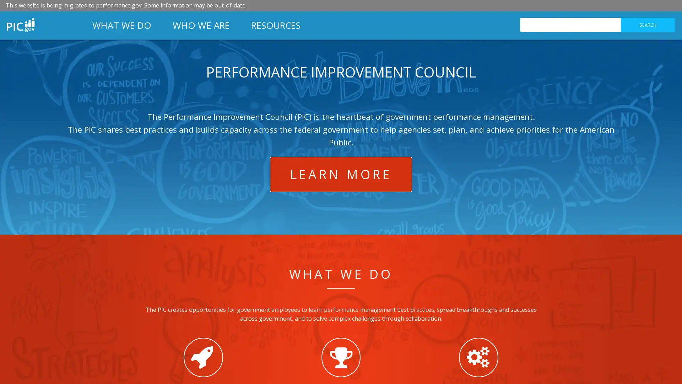 The height and width of the screenshot is (384, 682). What do you see at coordinates (648, 24) in the screenshot?
I see `Search` at bounding box center [648, 24].